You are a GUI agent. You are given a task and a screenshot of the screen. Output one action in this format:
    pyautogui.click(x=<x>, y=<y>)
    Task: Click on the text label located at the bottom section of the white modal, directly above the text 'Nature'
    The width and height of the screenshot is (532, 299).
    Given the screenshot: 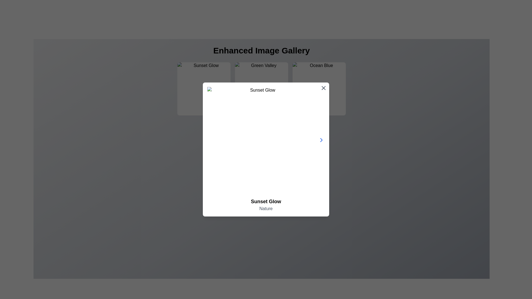 What is the action you would take?
    pyautogui.click(x=266, y=202)
    